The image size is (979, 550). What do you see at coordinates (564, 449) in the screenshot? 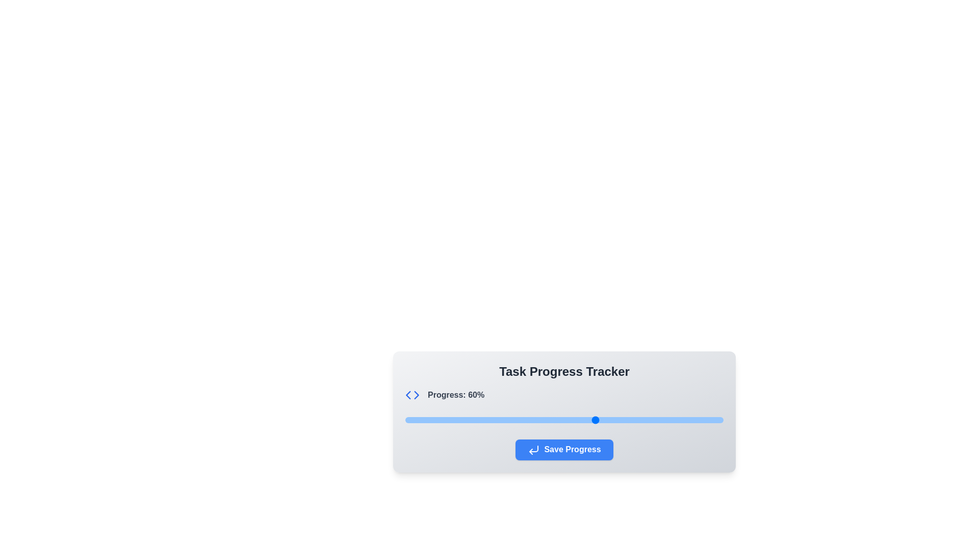
I see `the 'Save Progress' button` at bounding box center [564, 449].